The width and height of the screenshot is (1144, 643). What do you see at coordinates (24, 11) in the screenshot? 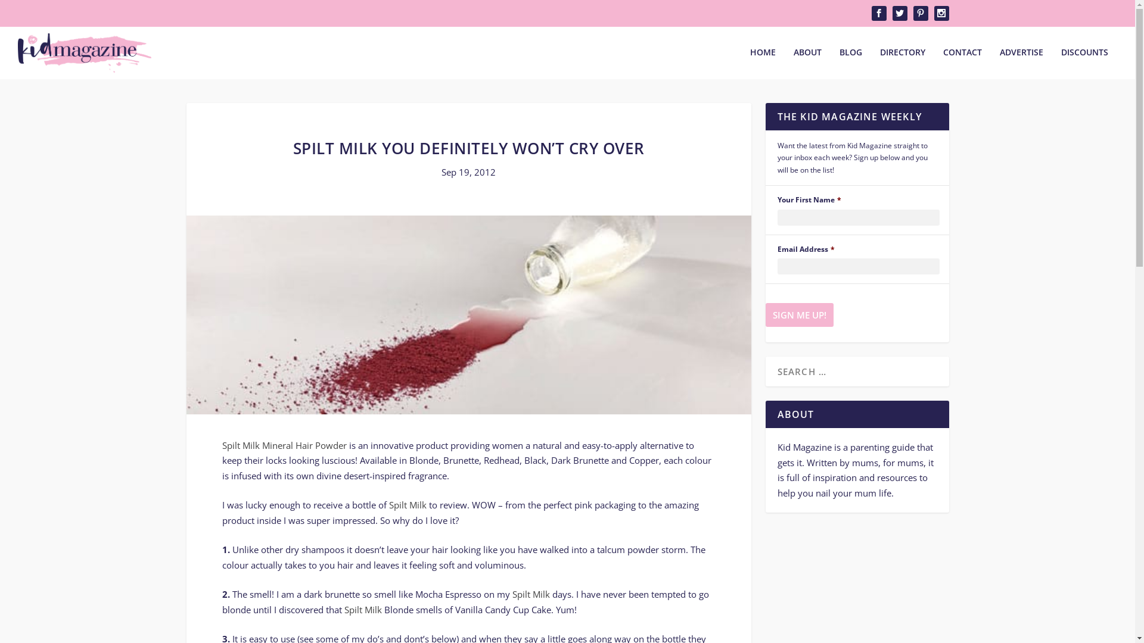
I see `'Search'` at bounding box center [24, 11].